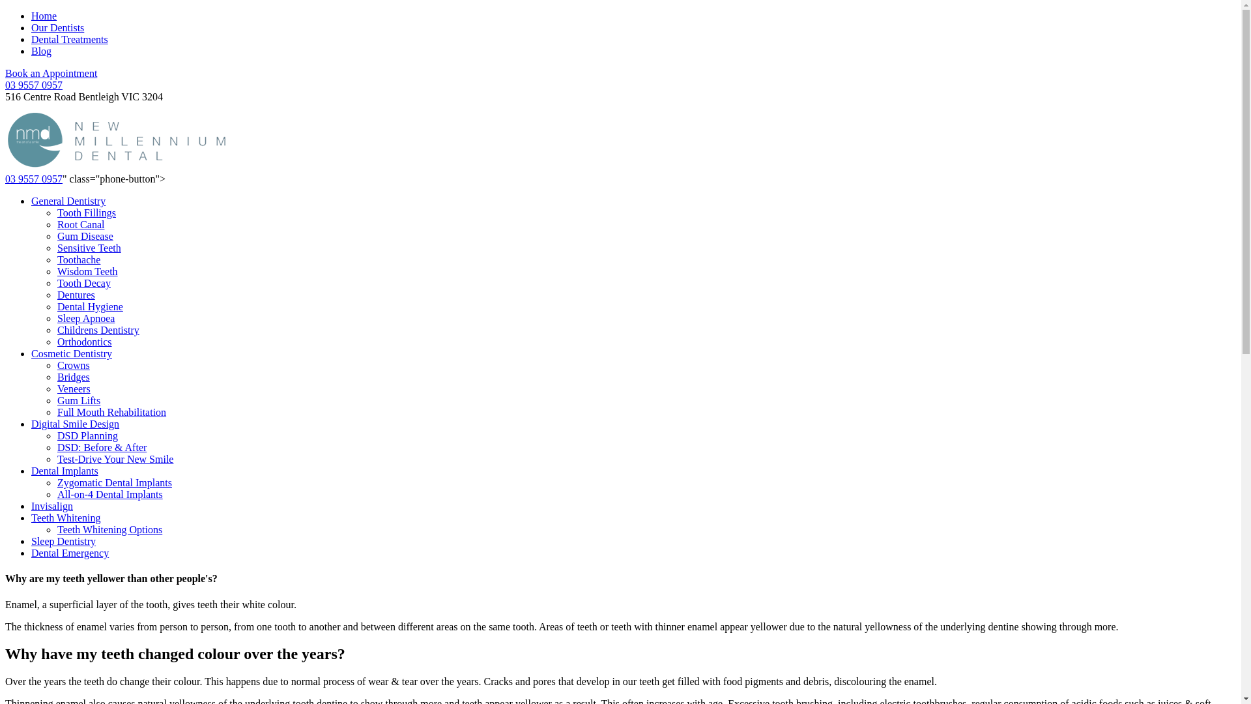 Image resolution: width=1251 pixels, height=704 pixels. I want to click on 'Bridges', so click(73, 377).